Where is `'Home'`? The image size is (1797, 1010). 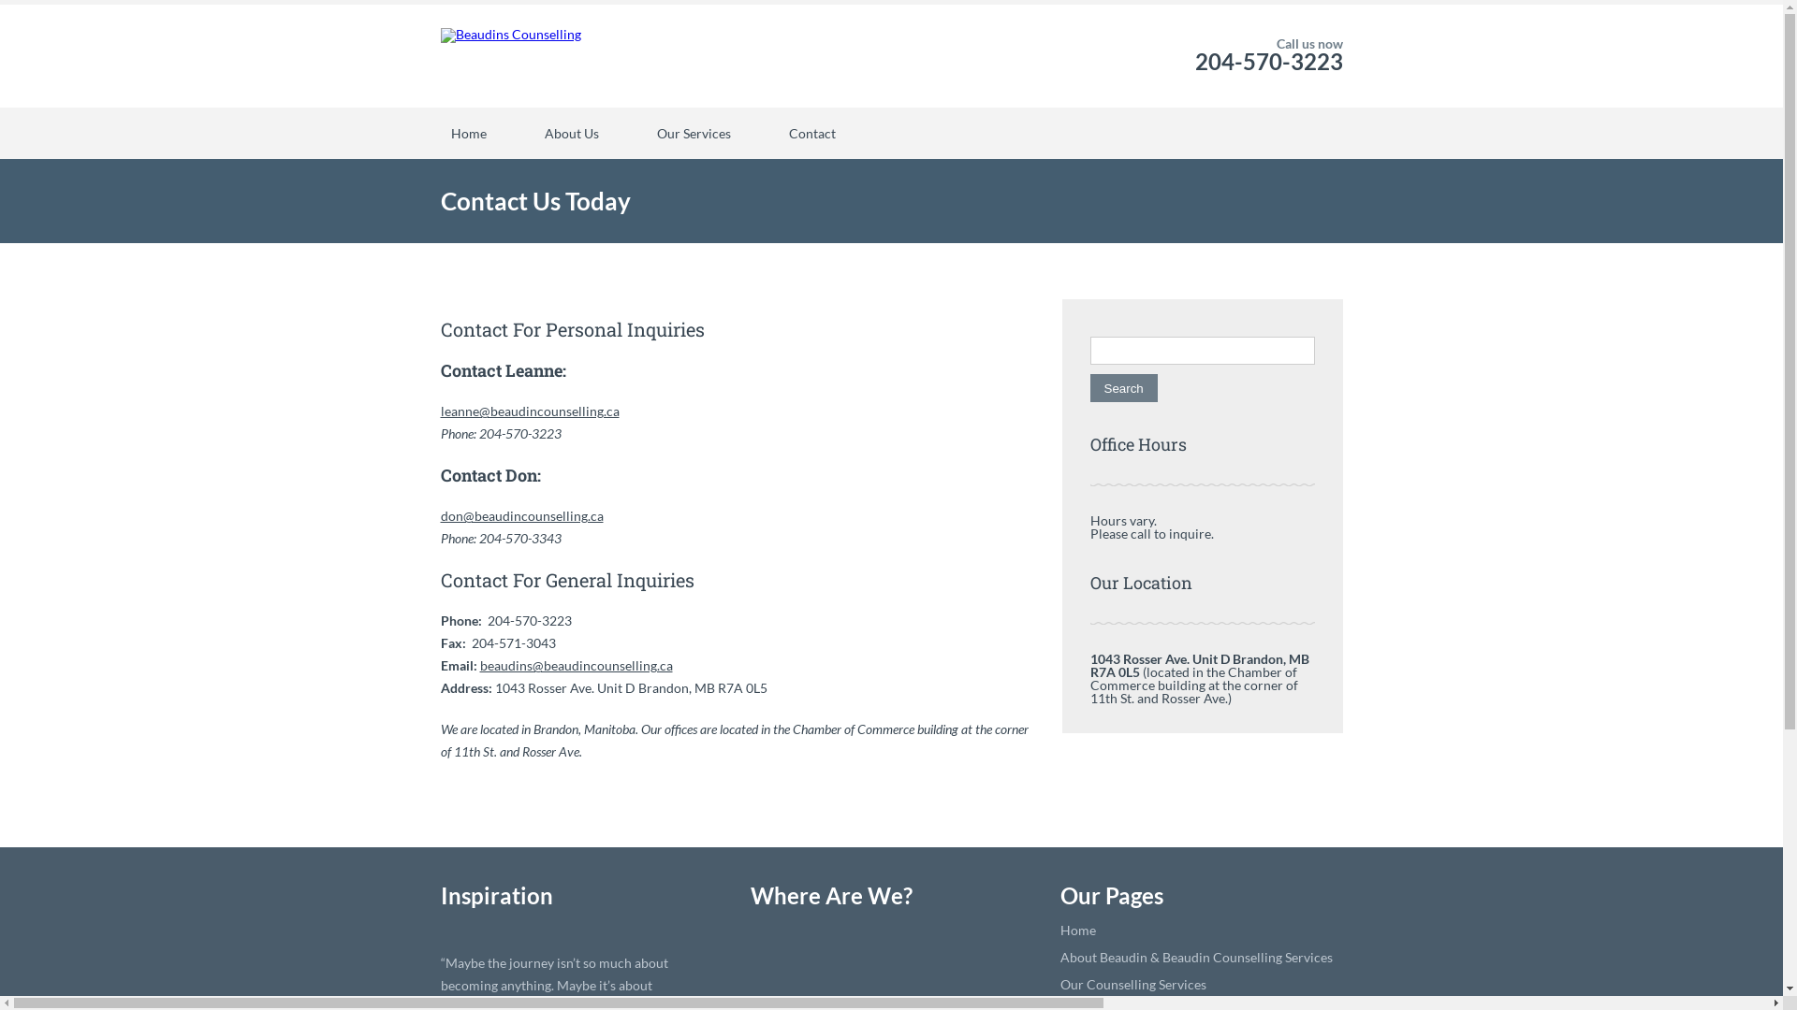 'Home' is located at coordinates (1077, 930).